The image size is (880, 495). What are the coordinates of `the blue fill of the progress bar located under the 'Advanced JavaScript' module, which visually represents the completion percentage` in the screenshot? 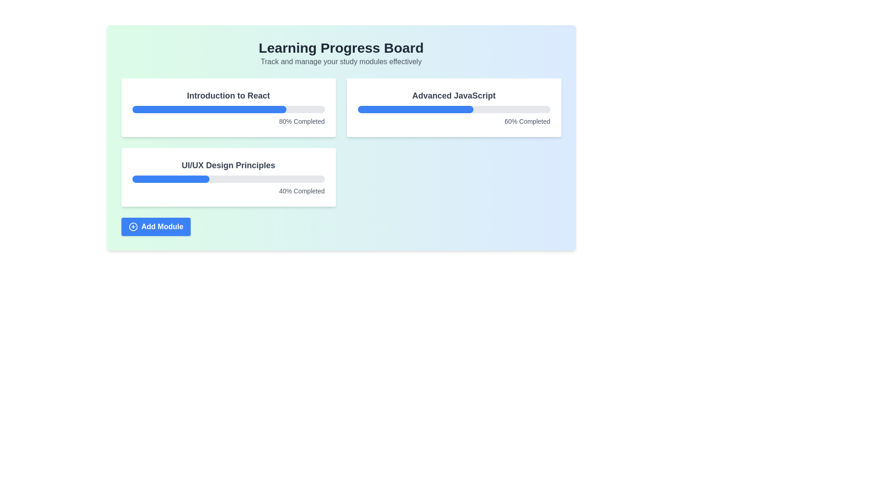 It's located at (415, 109).